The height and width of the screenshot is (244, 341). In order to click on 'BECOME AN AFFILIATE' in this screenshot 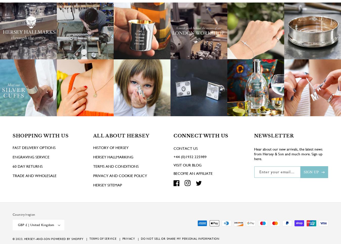, I will do `click(193, 180)`.